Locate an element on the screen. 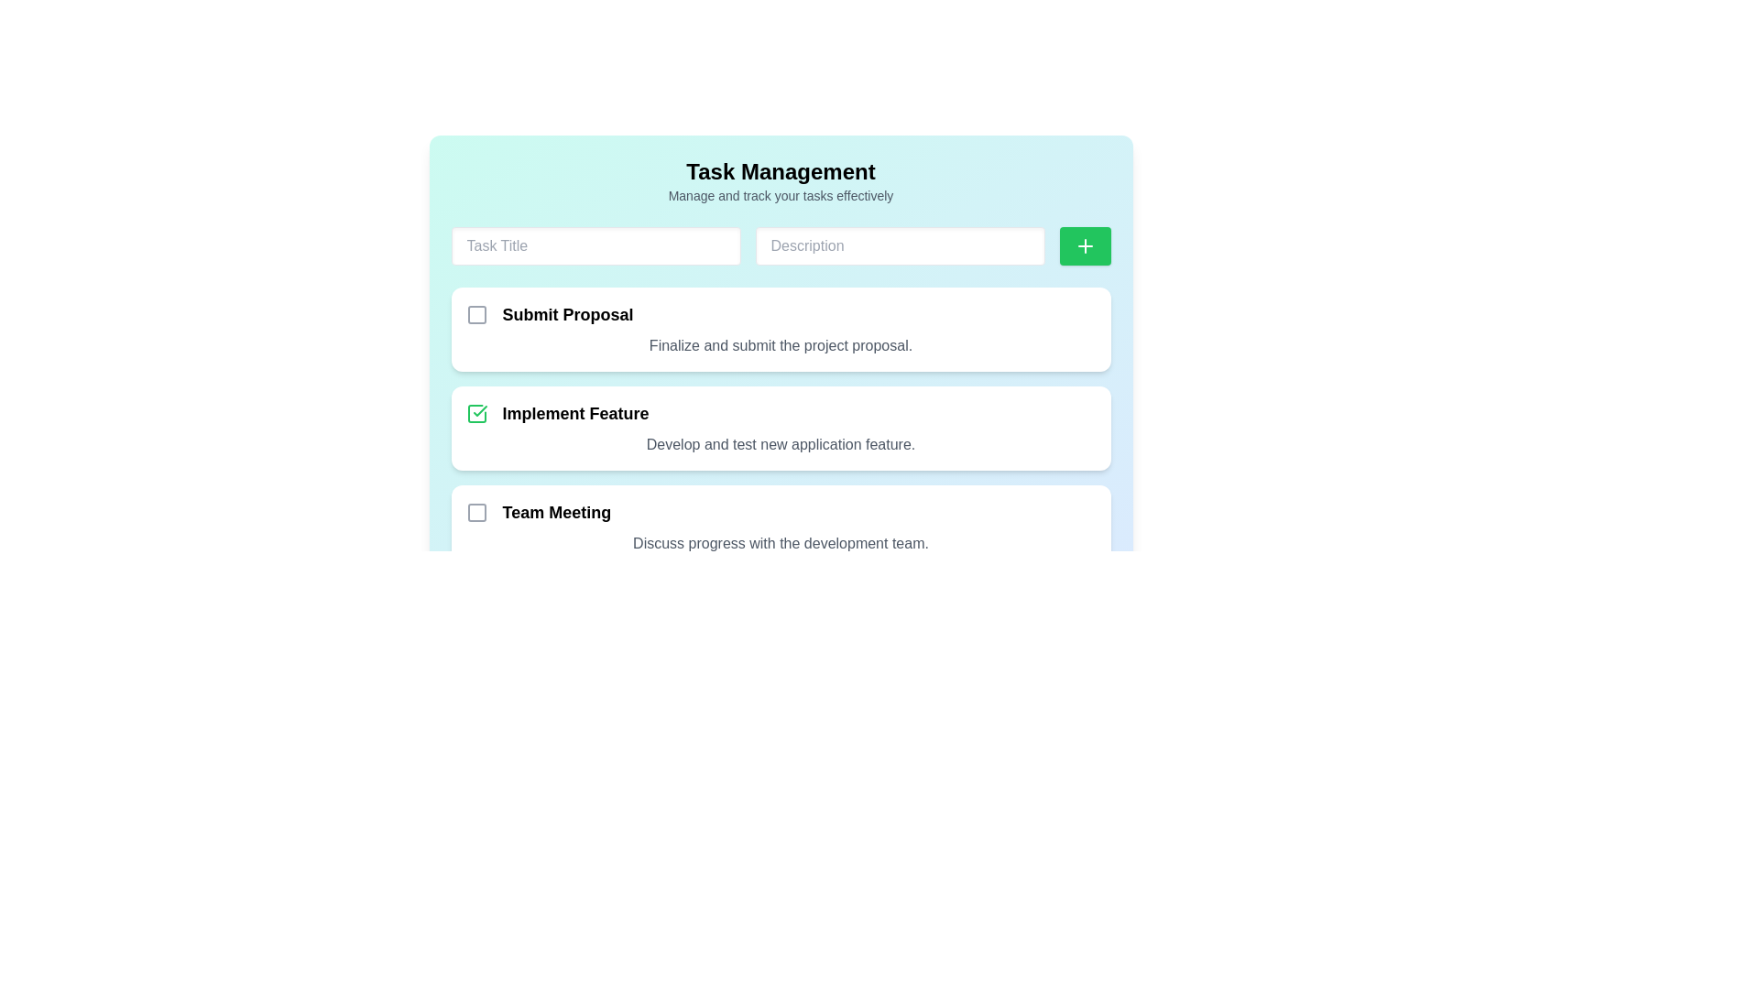 This screenshot has height=989, width=1759. the 'Submit Proposal' checkbox and text label is located at coordinates (549, 313).